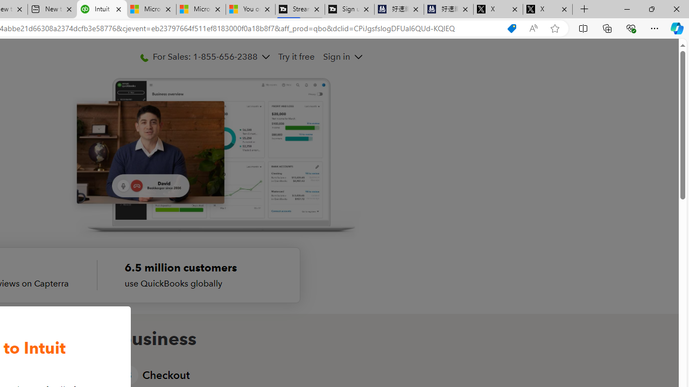  Describe the element at coordinates (150, 9) in the screenshot. I see `'Microsoft Start Sports'` at that location.